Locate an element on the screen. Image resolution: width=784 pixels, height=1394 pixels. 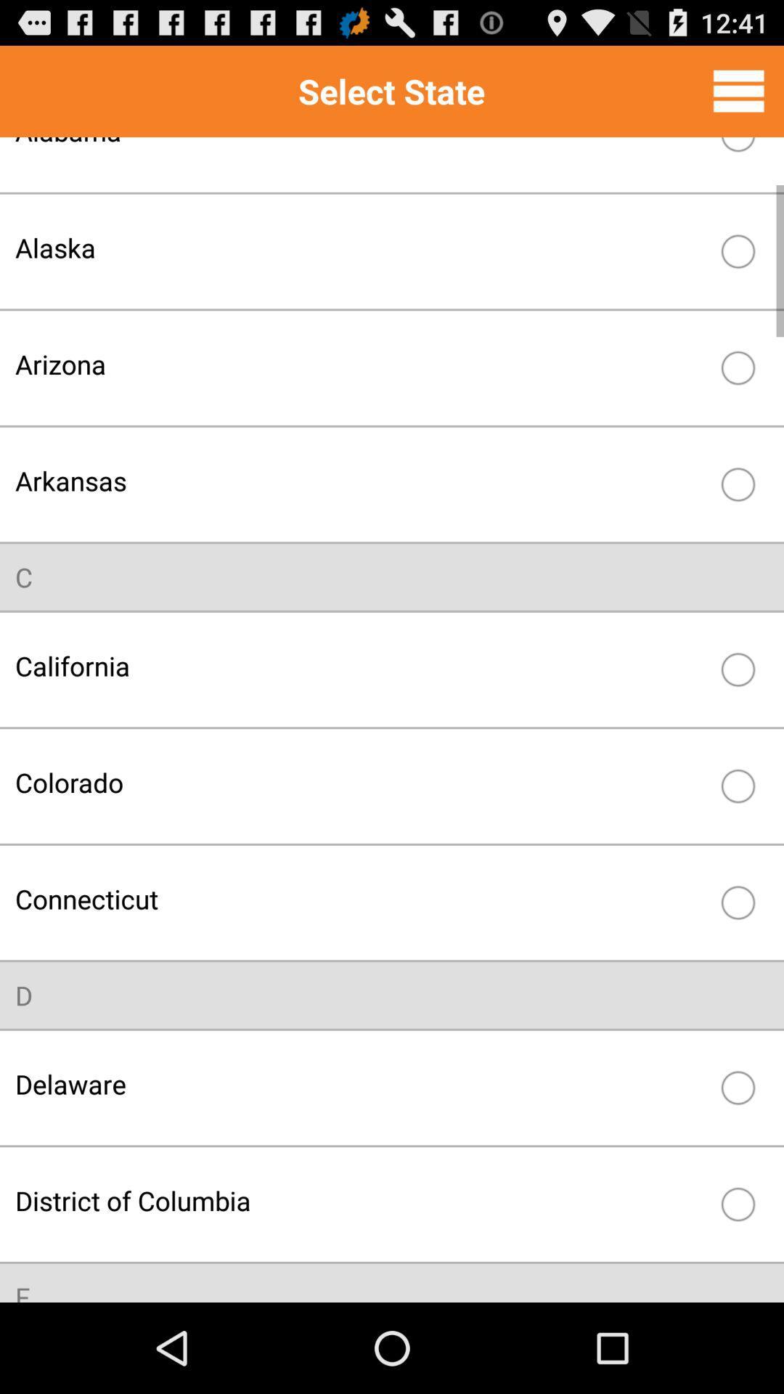
the item above f is located at coordinates (360, 1200).